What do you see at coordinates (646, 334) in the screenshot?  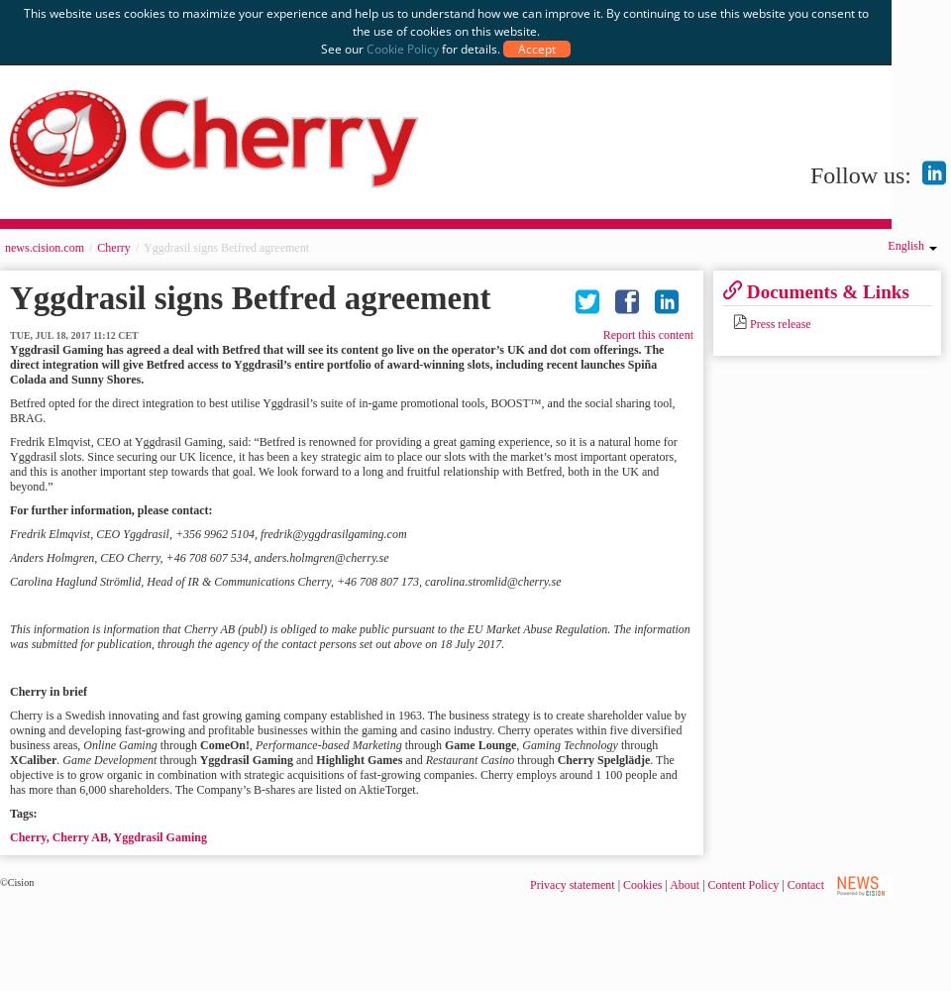 I see `'Report this content'` at bounding box center [646, 334].